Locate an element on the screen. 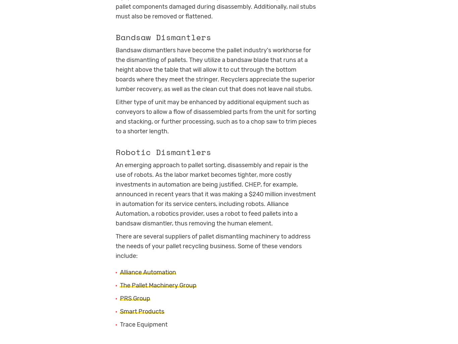  'Bandsaw Dismantlers' is located at coordinates (163, 36).